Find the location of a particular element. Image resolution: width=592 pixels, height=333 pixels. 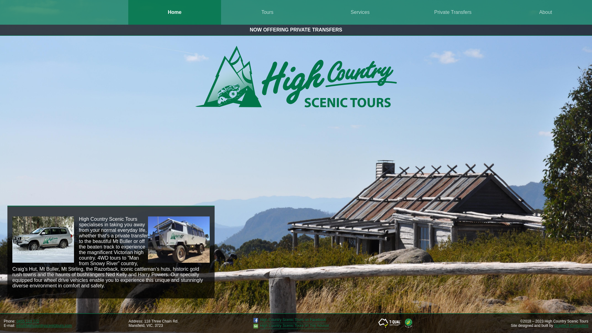

'Graytech Computers' is located at coordinates (554, 325).